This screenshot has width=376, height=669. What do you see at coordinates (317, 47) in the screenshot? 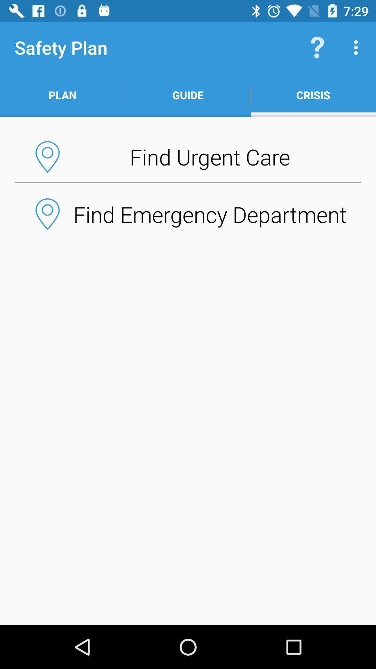
I see `the item to the right of guide app` at bounding box center [317, 47].